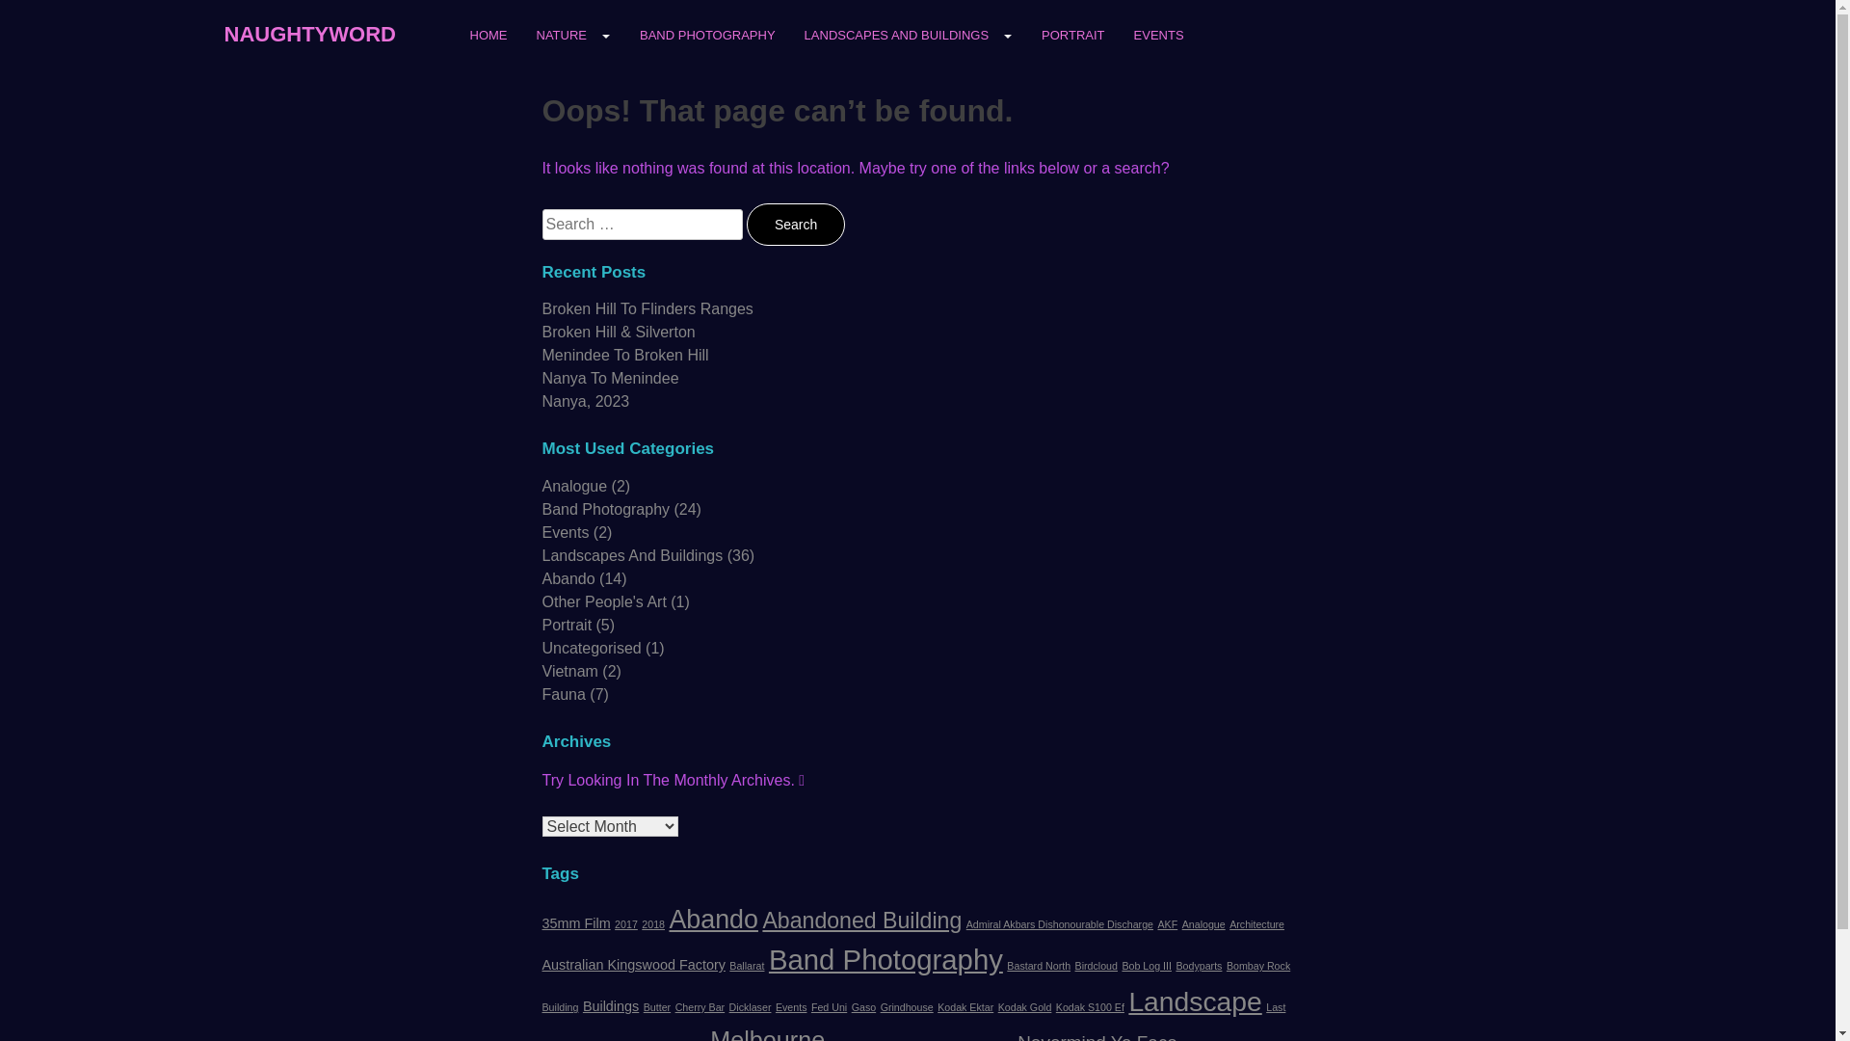  Describe the element at coordinates (584, 400) in the screenshot. I see `'Nanya, 2023'` at that location.